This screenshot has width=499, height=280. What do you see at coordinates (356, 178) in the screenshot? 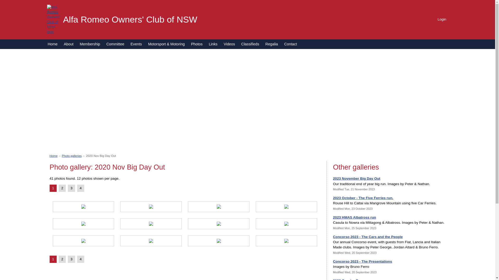
I see `'2023 November Big Day Out'` at bounding box center [356, 178].